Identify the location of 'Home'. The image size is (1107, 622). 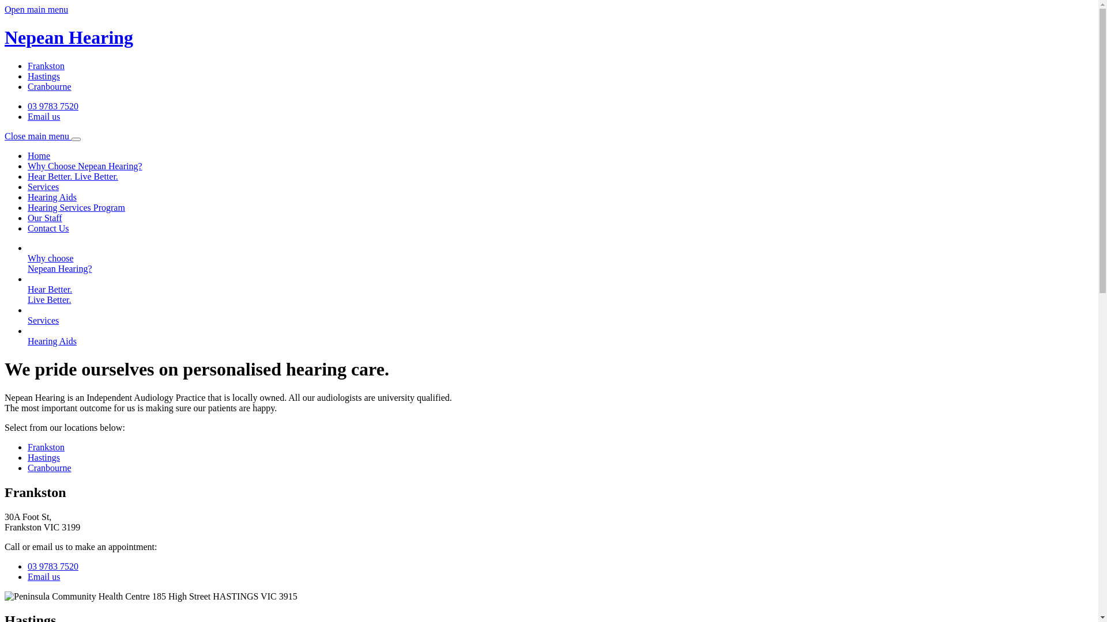
(39, 155).